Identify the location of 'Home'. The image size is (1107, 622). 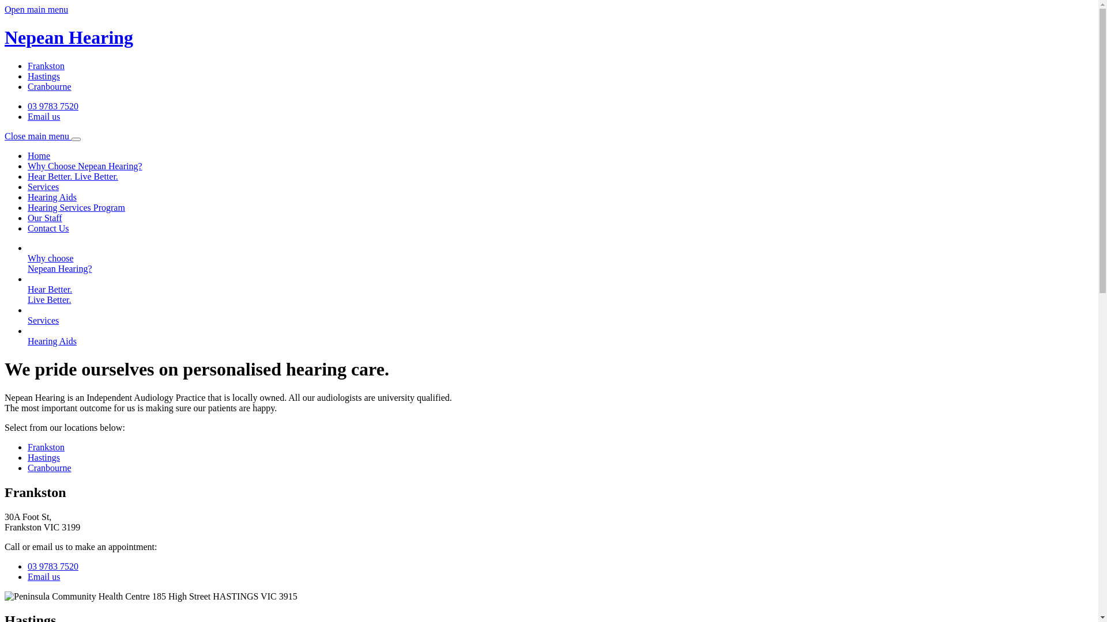
(39, 155).